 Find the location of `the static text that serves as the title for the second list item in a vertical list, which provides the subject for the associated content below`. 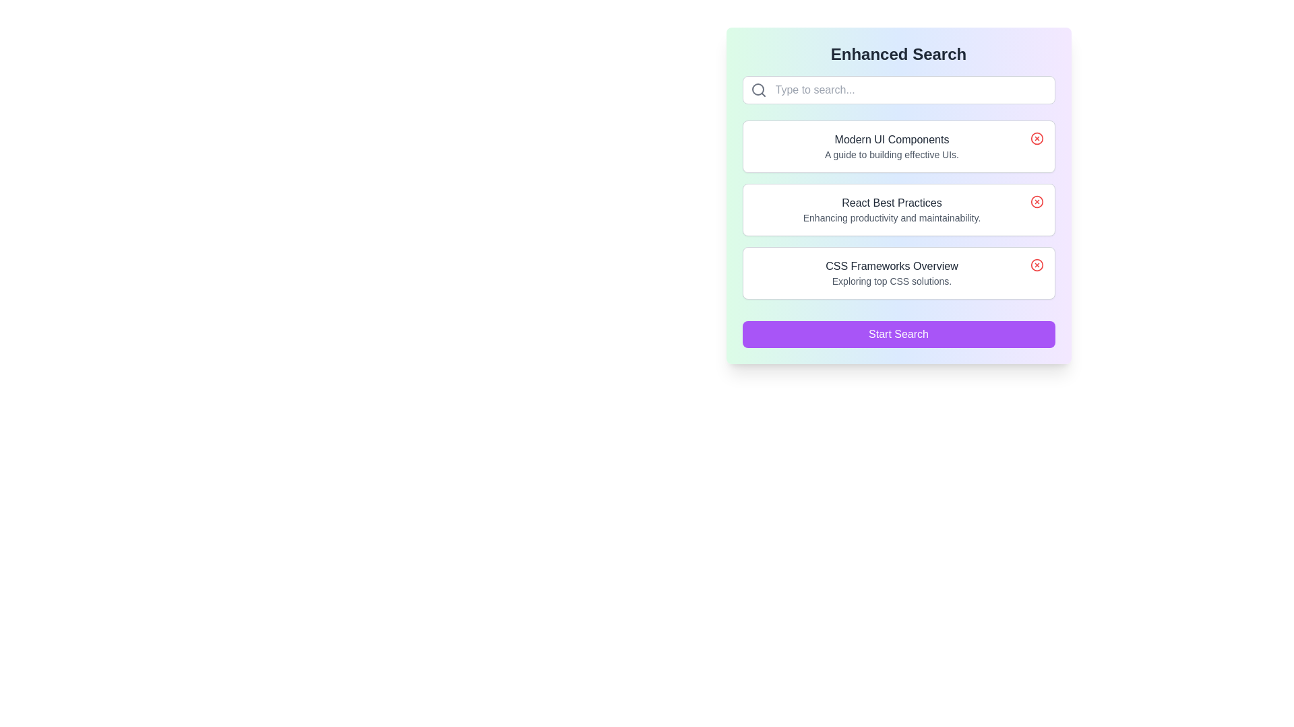

the static text that serves as the title for the second list item in a vertical list, which provides the subject for the associated content below is located at coordinates (892, 203).